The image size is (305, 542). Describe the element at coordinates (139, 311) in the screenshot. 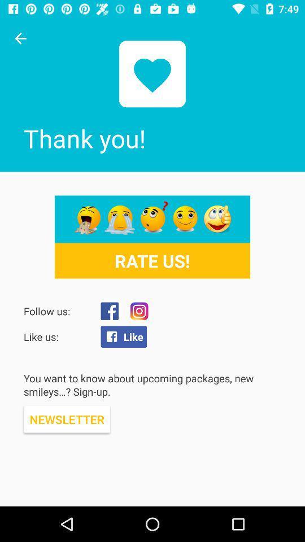

I see `instagram` at that location.